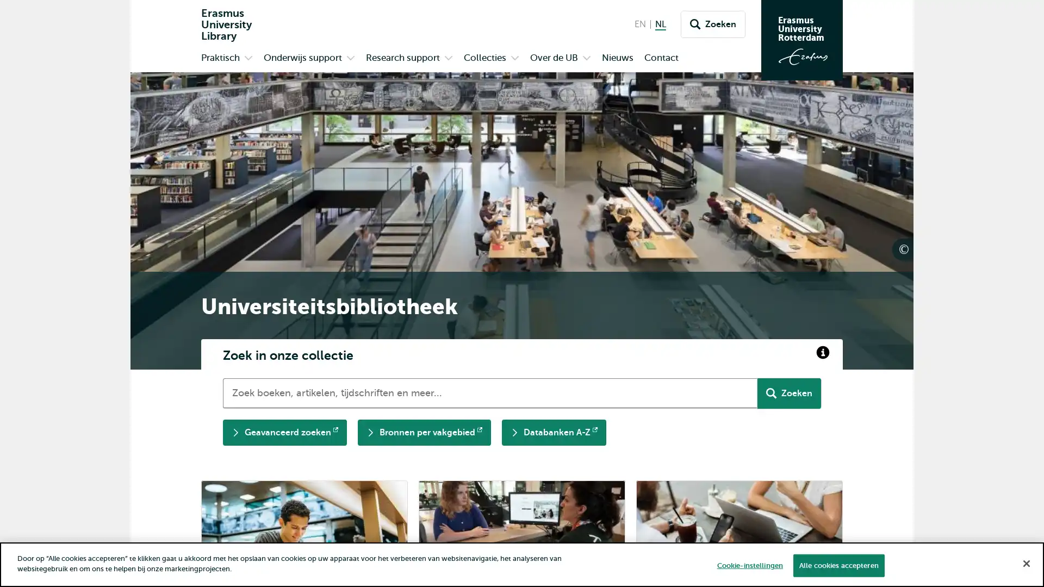 Image resolution: width=1044 pixels, height=587 pixels. I want to click on Zoeken, so click(713, 24).